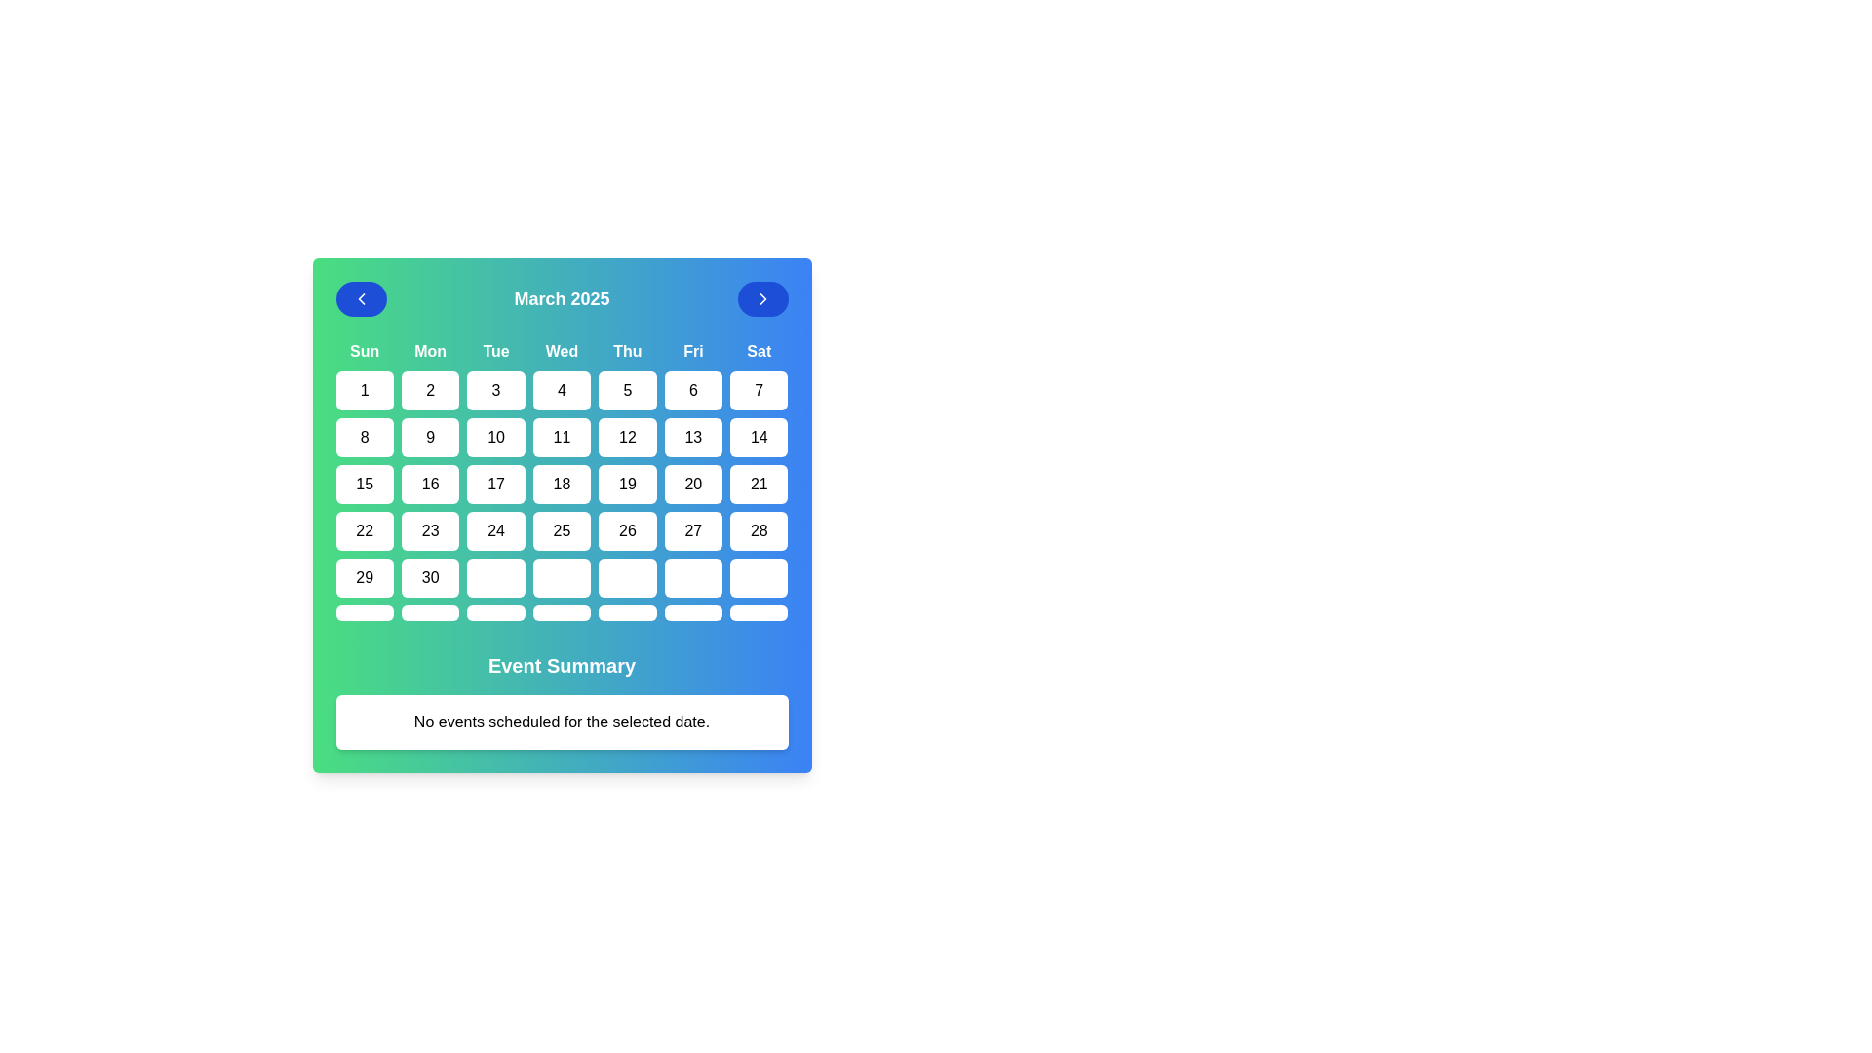  What do you see at coordinates (561, 699) in the screenshot?
I see `the informational text block titled 'Event Summary' which displays 'No events scheduled for the selected date.'` at bounding box center [561, 699].